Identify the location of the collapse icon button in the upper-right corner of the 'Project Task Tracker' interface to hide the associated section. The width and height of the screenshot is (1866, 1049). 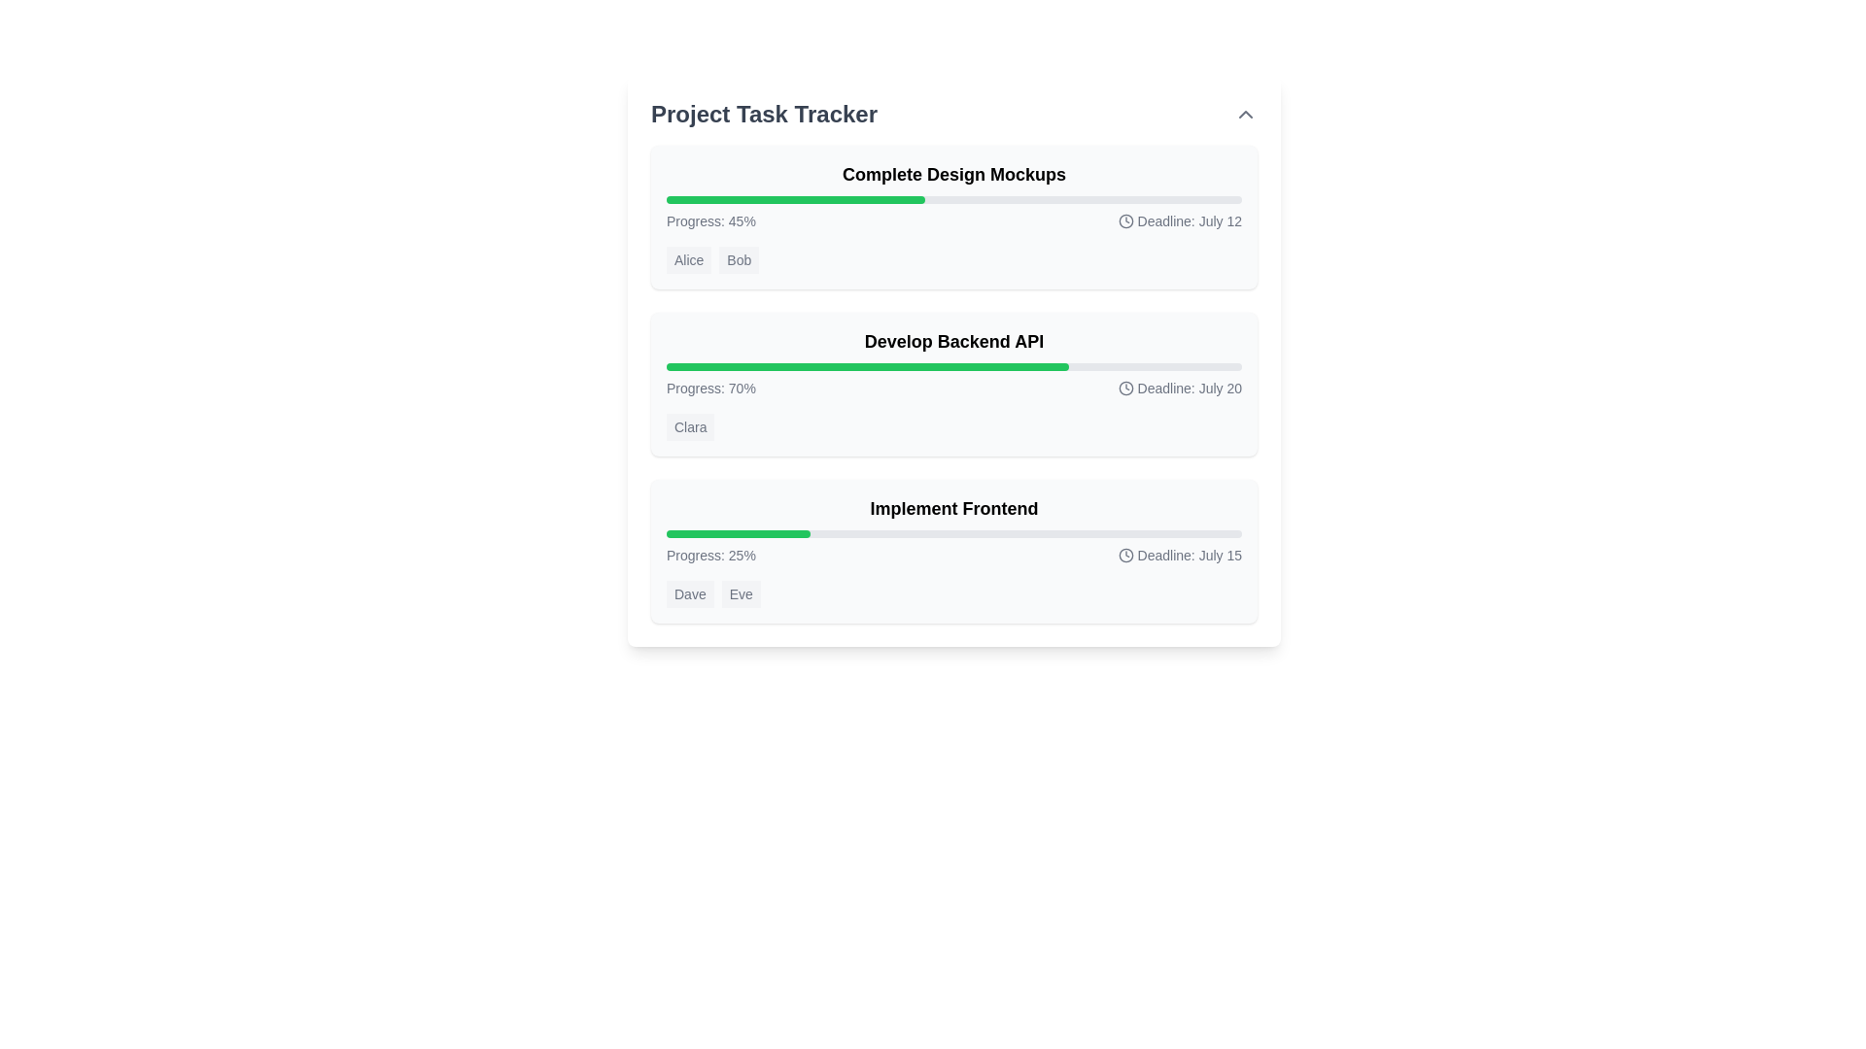
(1245, 115).